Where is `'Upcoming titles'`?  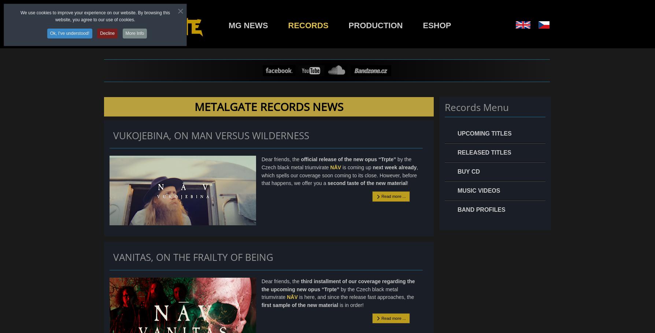 'Upcoming titles' is located at coordinates (484, 133).